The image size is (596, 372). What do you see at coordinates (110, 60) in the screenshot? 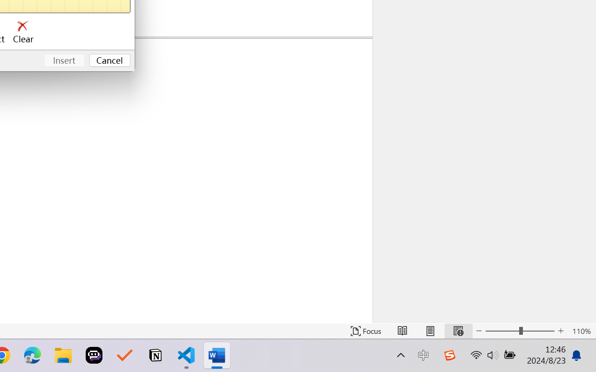
I see `'Cancel'` at bounding box center [110, 60].